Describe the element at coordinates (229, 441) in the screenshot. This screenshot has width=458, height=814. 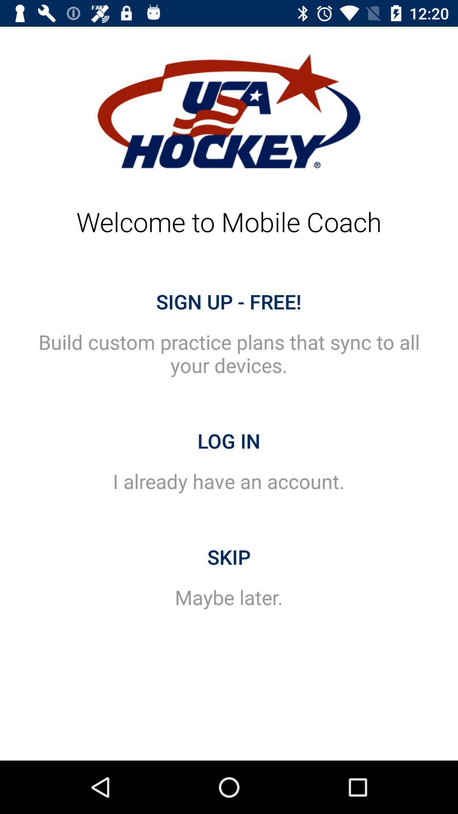
I see `log in item` at that location.